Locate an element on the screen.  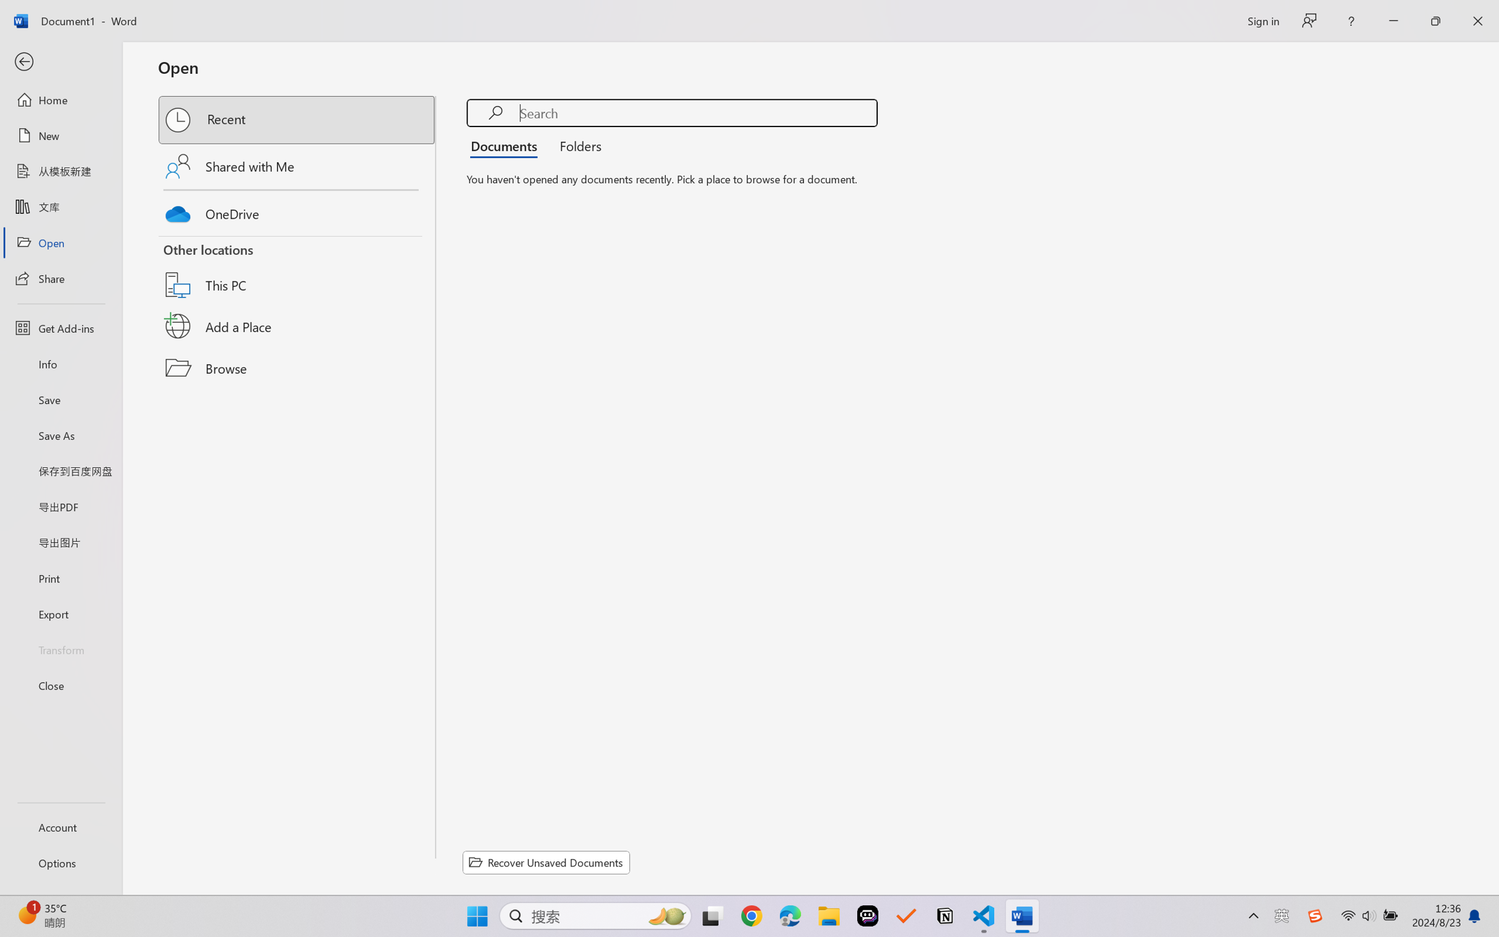
'Options' is located at coordinates (60, 862).